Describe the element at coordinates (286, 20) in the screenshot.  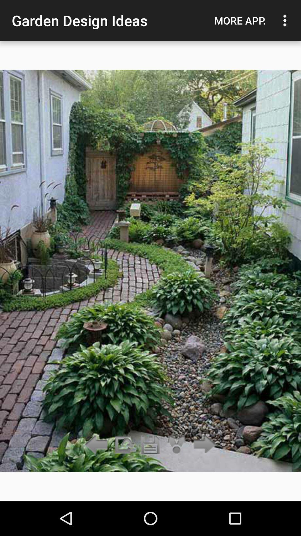
I see `item to the right of more app.` at that location.